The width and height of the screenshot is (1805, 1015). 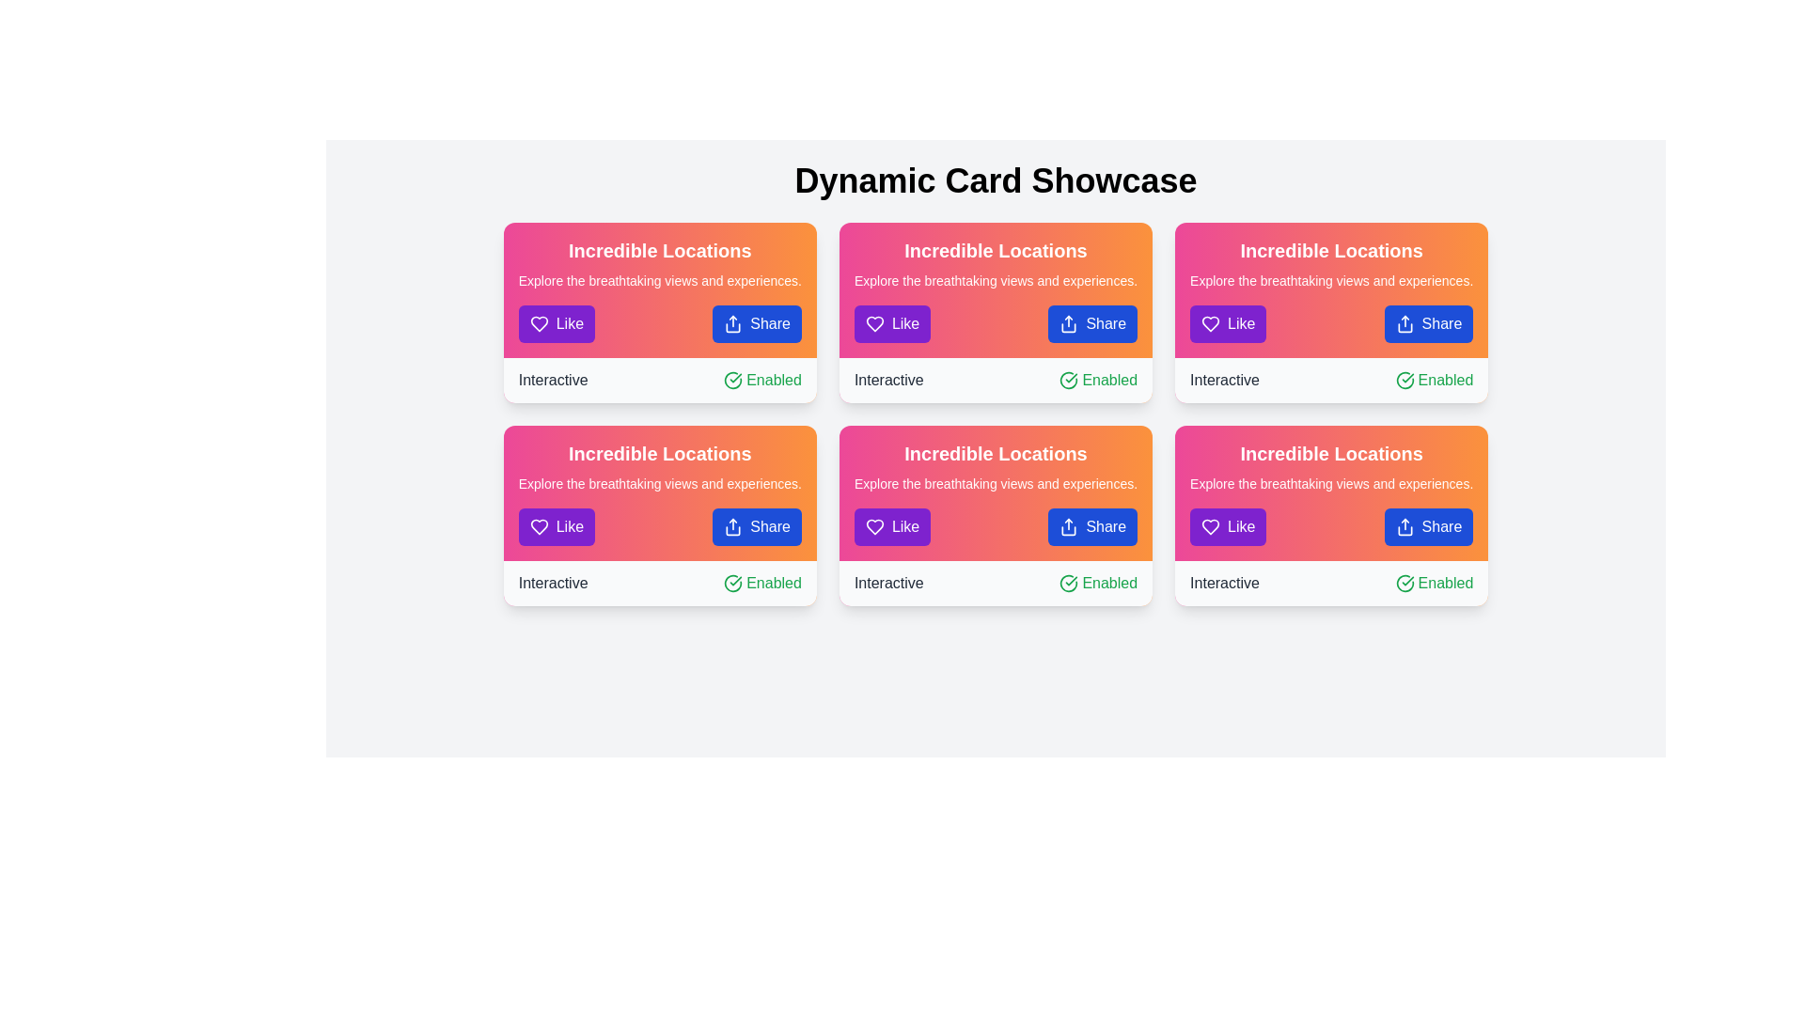 I want to click on the title text of the second card in the top row of the grid layout, so click(x=1330, y=249).